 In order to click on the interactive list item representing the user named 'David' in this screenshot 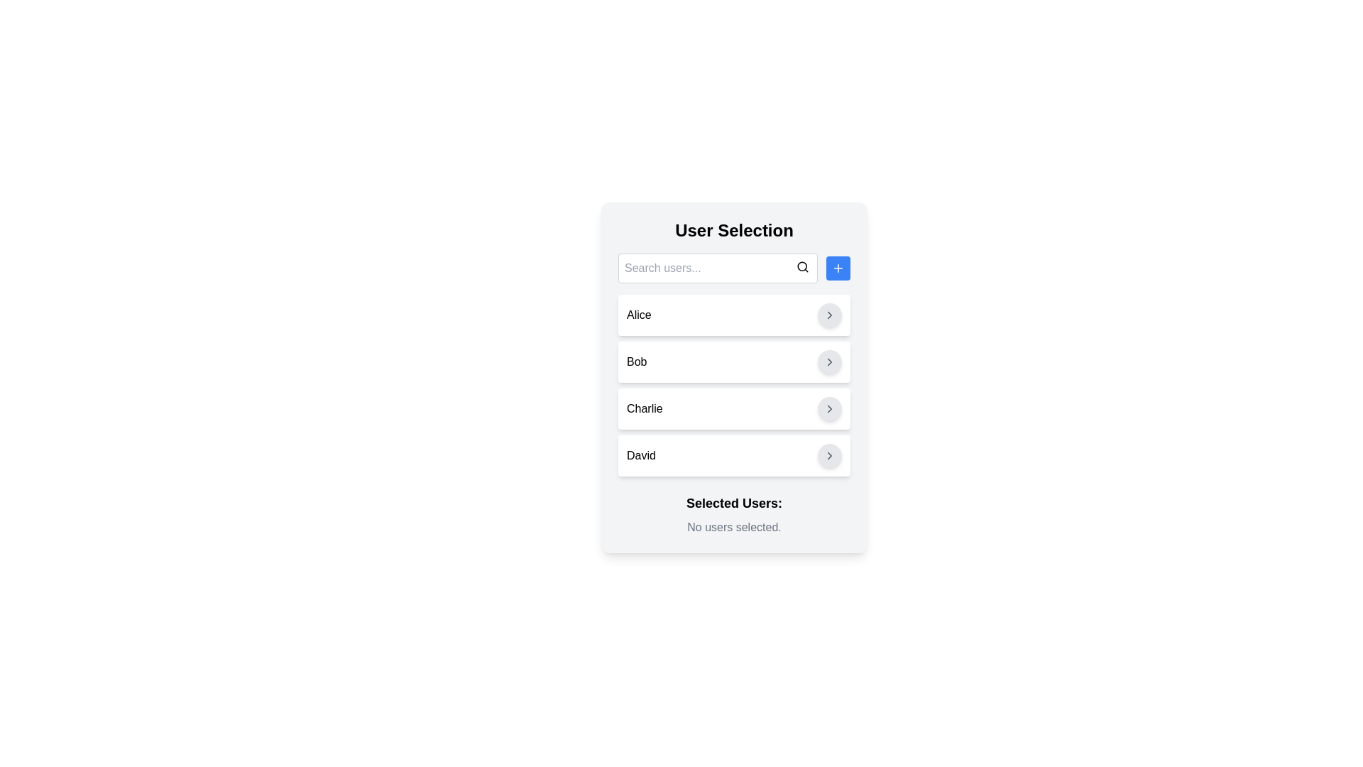, I will do `click(734, 455)`.